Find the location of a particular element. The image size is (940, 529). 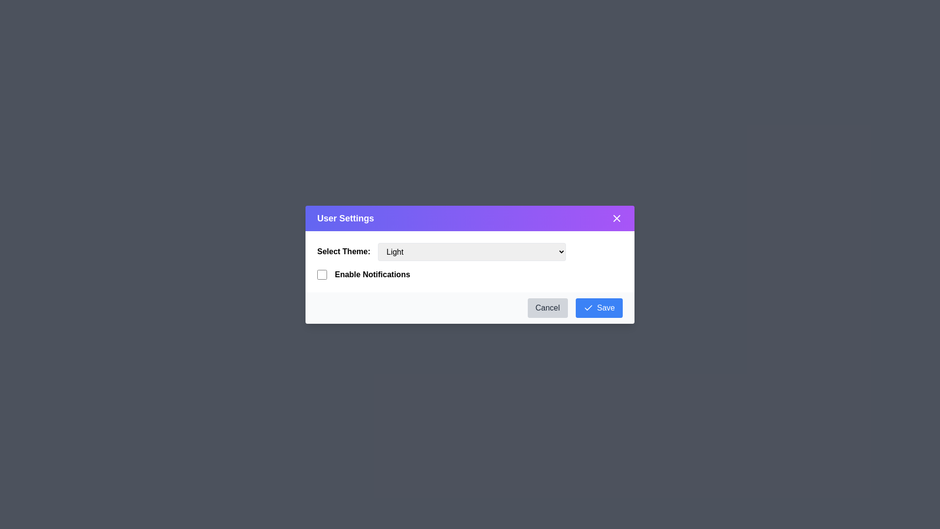

the theme Light from the dropdown menu is located at coordinates (472, 251).